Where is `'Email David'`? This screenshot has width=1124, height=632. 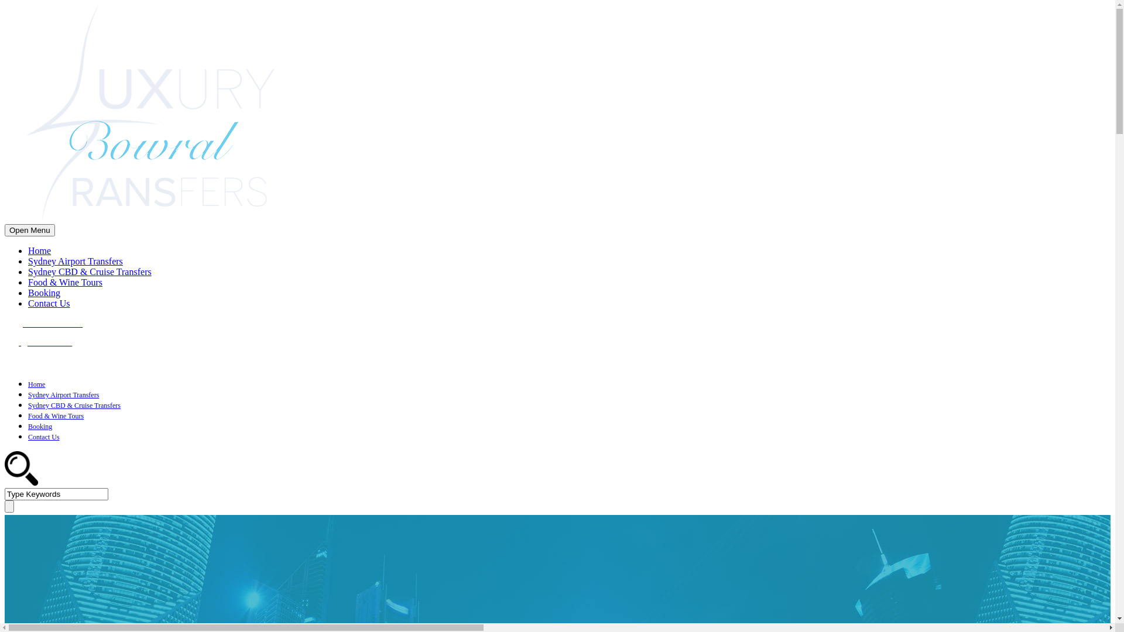 'Email David' is located at coordinates (38, 342).